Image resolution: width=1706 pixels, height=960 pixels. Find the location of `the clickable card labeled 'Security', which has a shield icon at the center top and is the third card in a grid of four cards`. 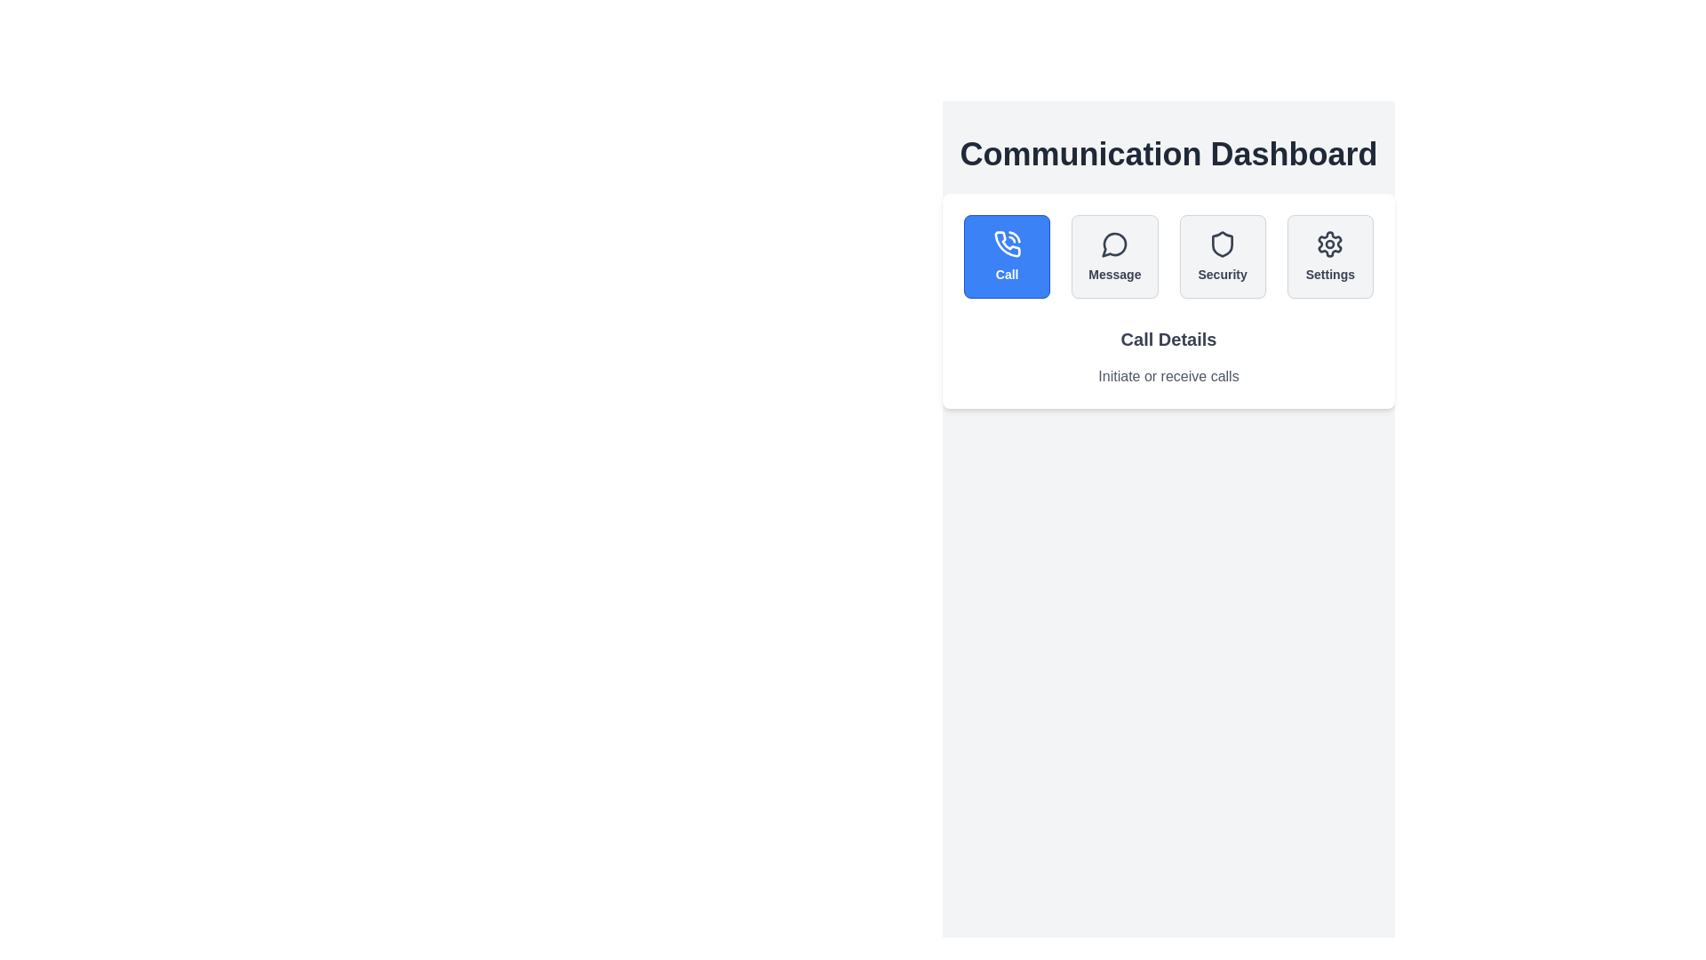

the clickable card labeled 'Security', which has a shield icon at the center top and is the third card in a grid of four cards is located at coordinates (1222, 257).